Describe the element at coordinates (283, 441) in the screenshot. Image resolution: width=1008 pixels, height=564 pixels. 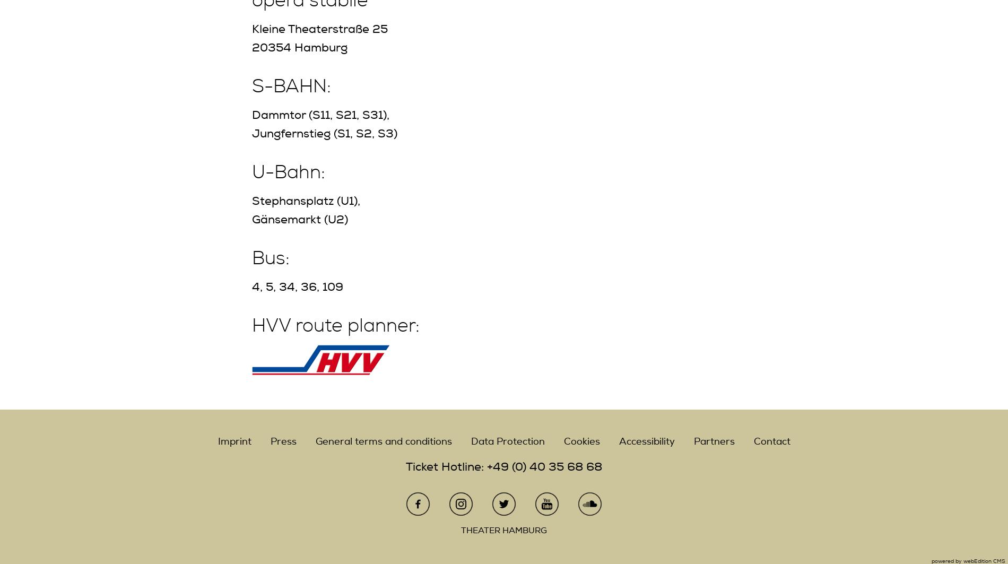
I see `'Press'` at that location.